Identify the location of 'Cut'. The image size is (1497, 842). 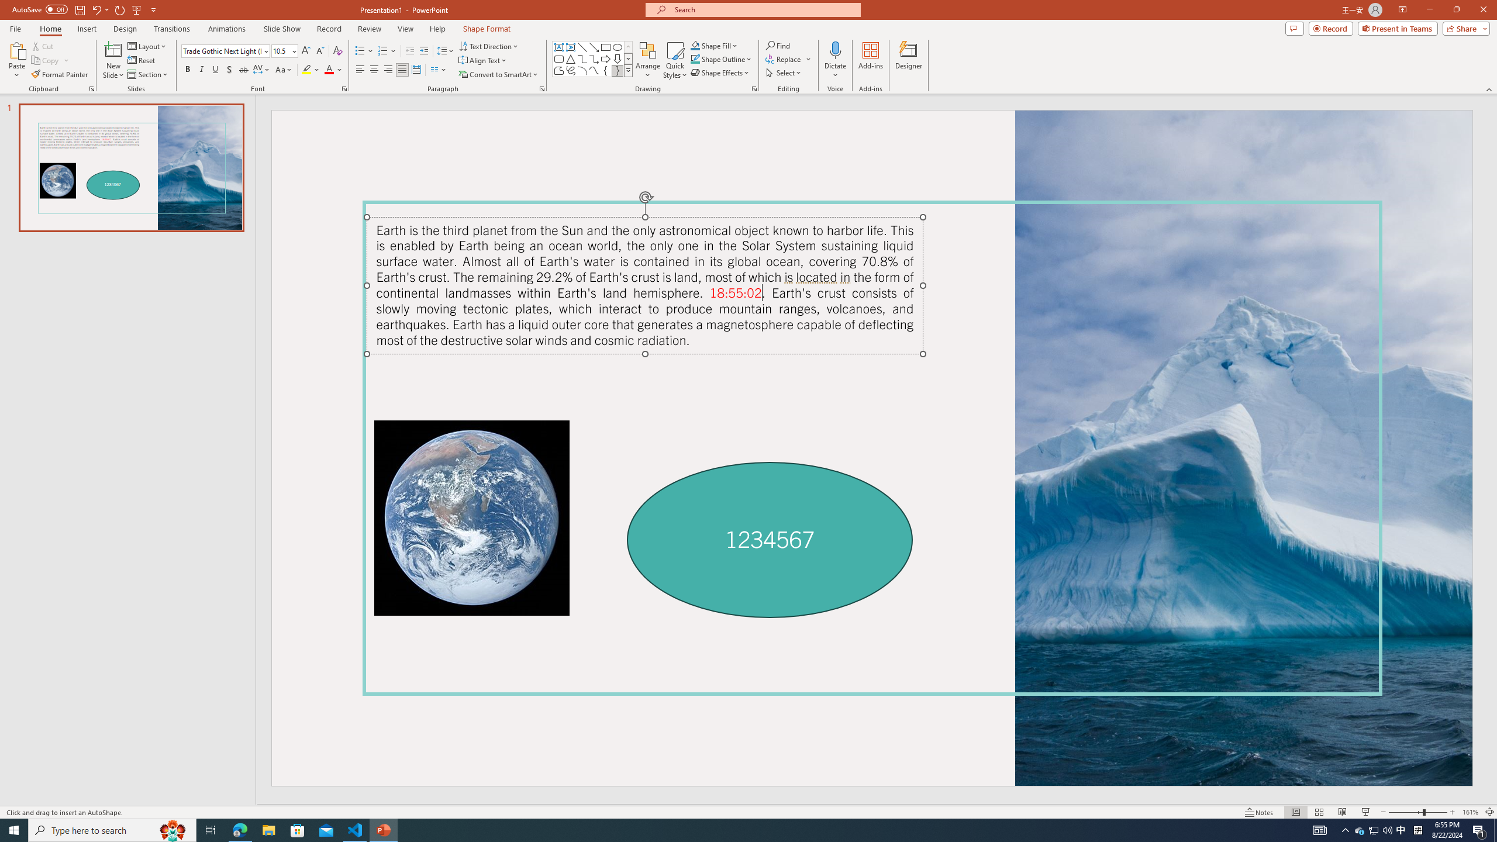
(43, 46).